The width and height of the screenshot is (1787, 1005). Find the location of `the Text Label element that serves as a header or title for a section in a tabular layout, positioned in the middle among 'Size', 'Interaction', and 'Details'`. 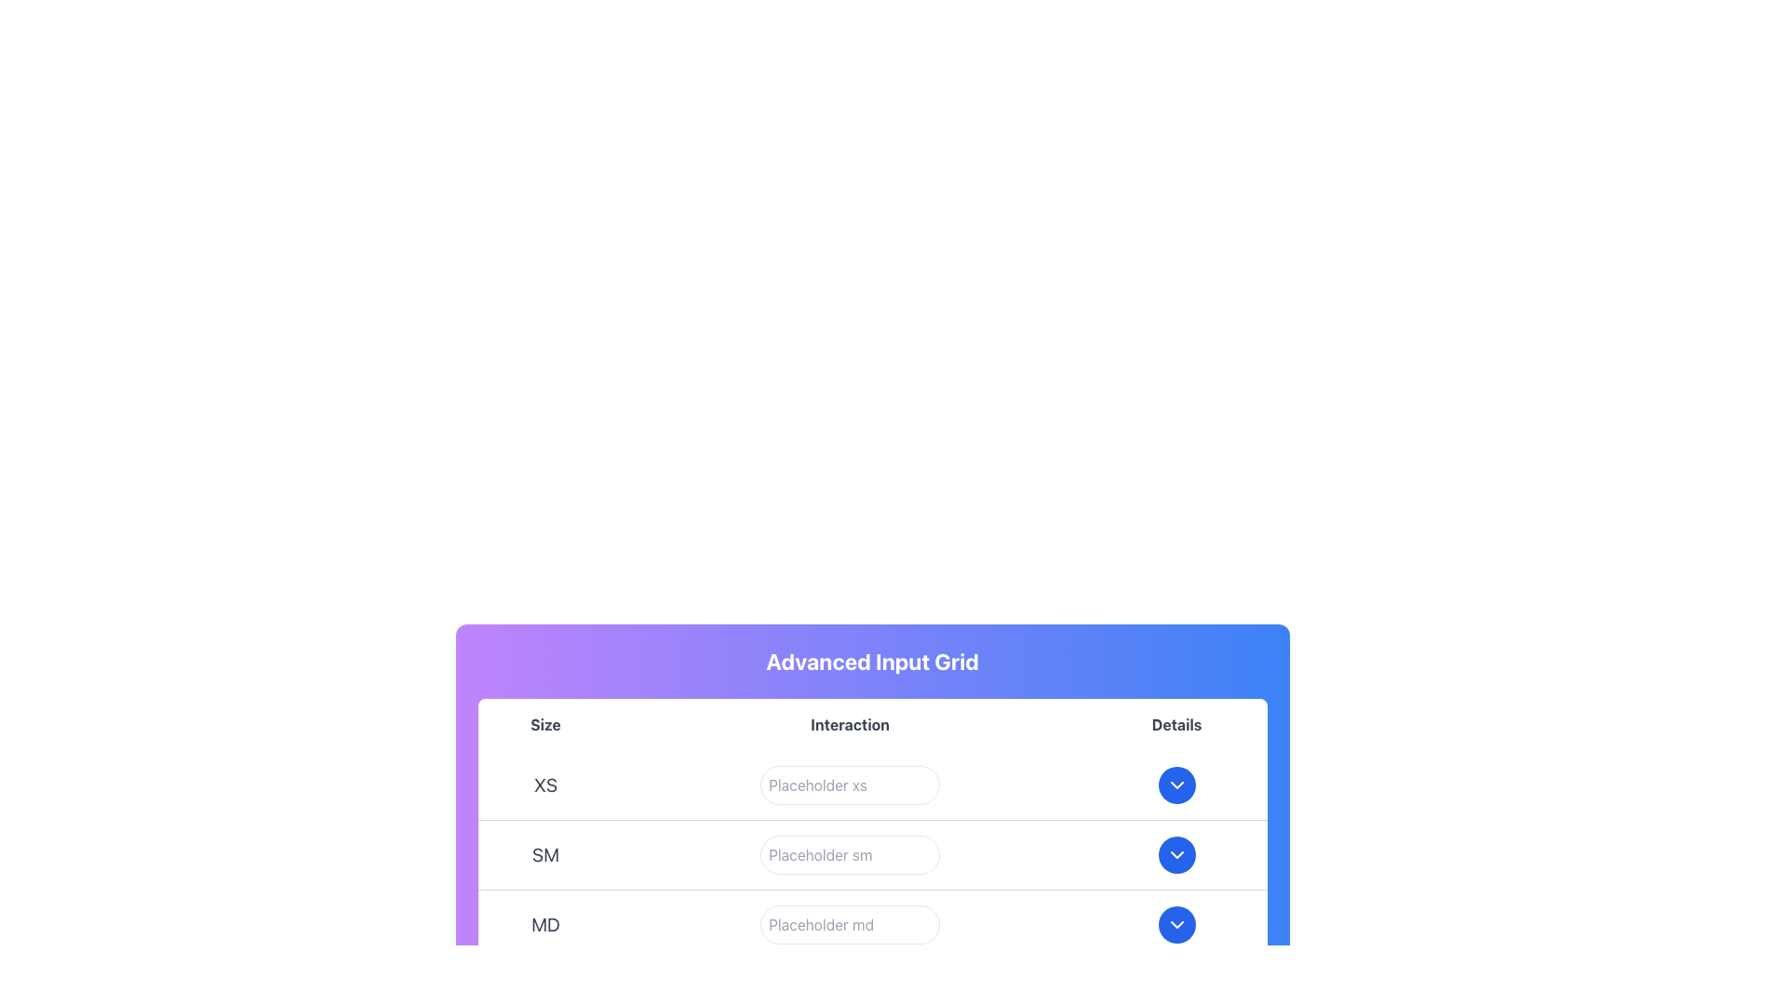

the Text Label element that serves as a header or title for a section in a tabular layout, positioned in the middle among 'Size', 'Interaction', and 'Details' is located at coordinates (849, 724).